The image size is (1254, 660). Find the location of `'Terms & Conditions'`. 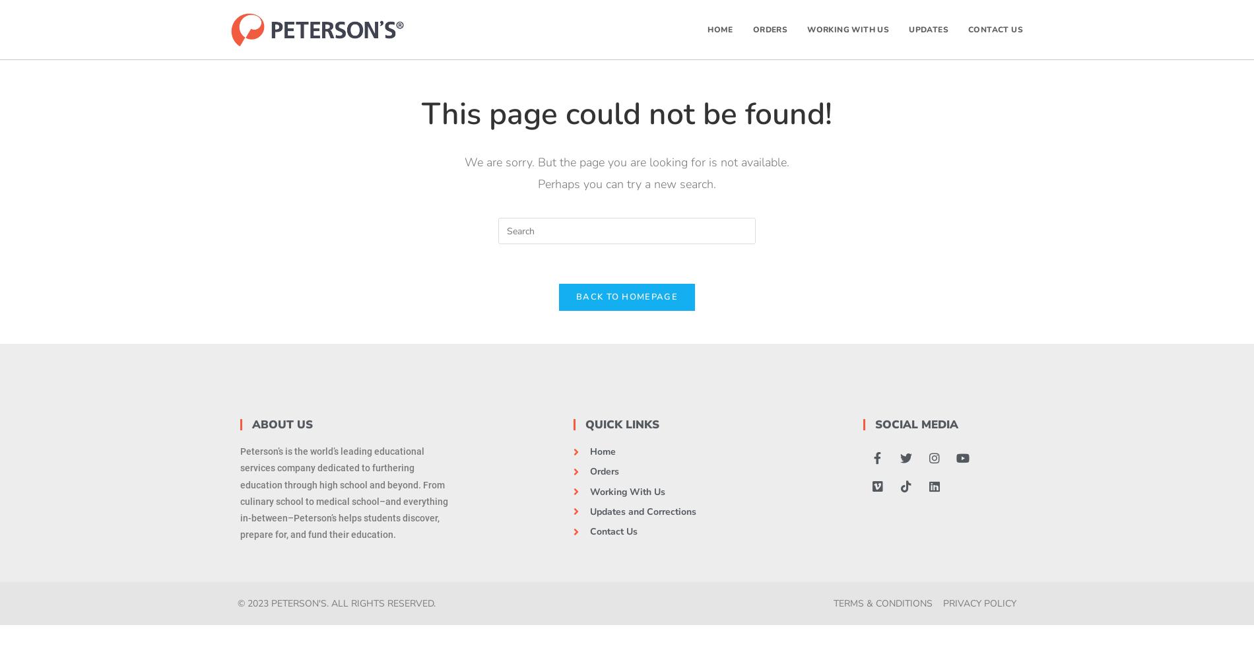

'Terms & Conditions' is located at coordinates (832, 603).